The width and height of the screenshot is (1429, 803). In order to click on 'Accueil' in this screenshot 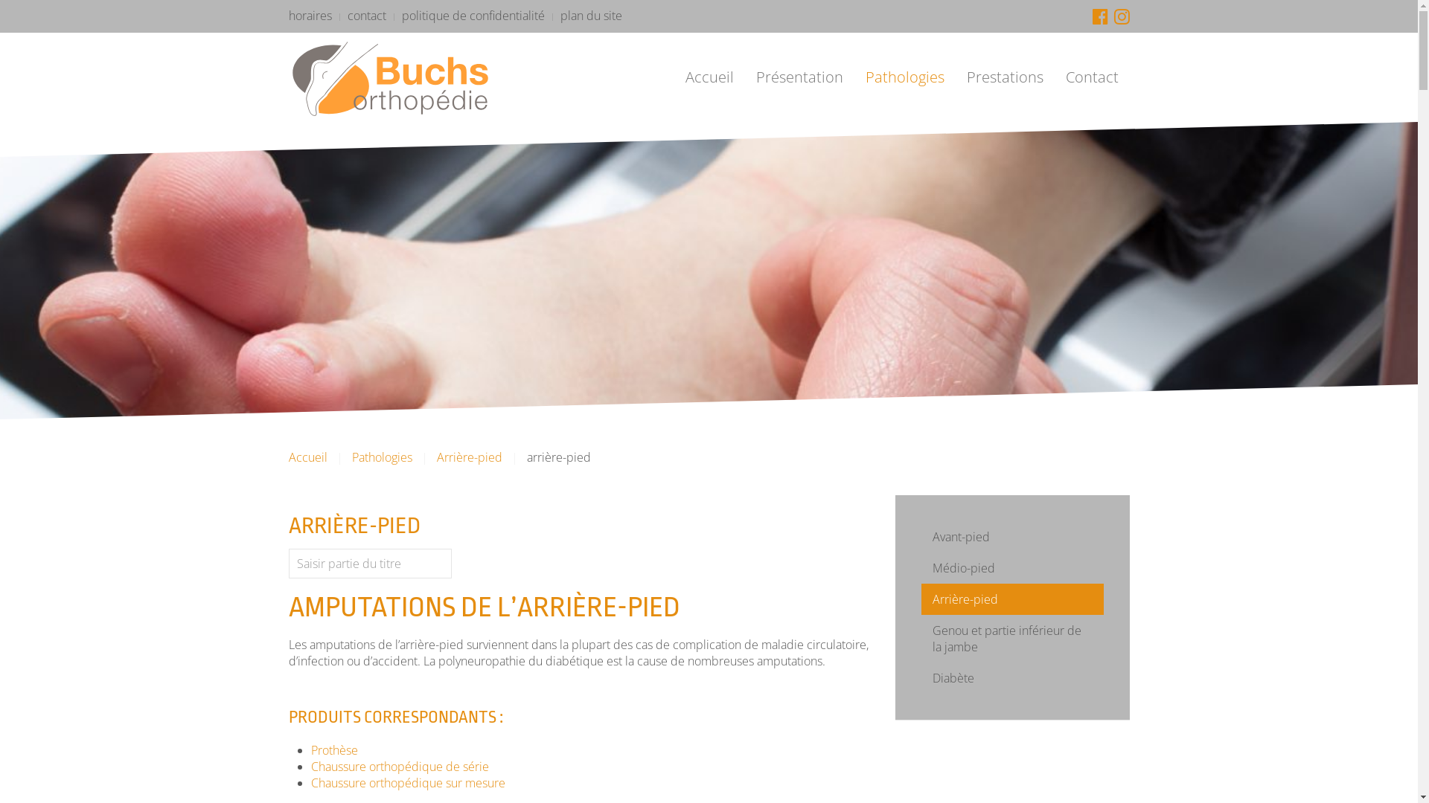, I will do `click(674, 77)`.